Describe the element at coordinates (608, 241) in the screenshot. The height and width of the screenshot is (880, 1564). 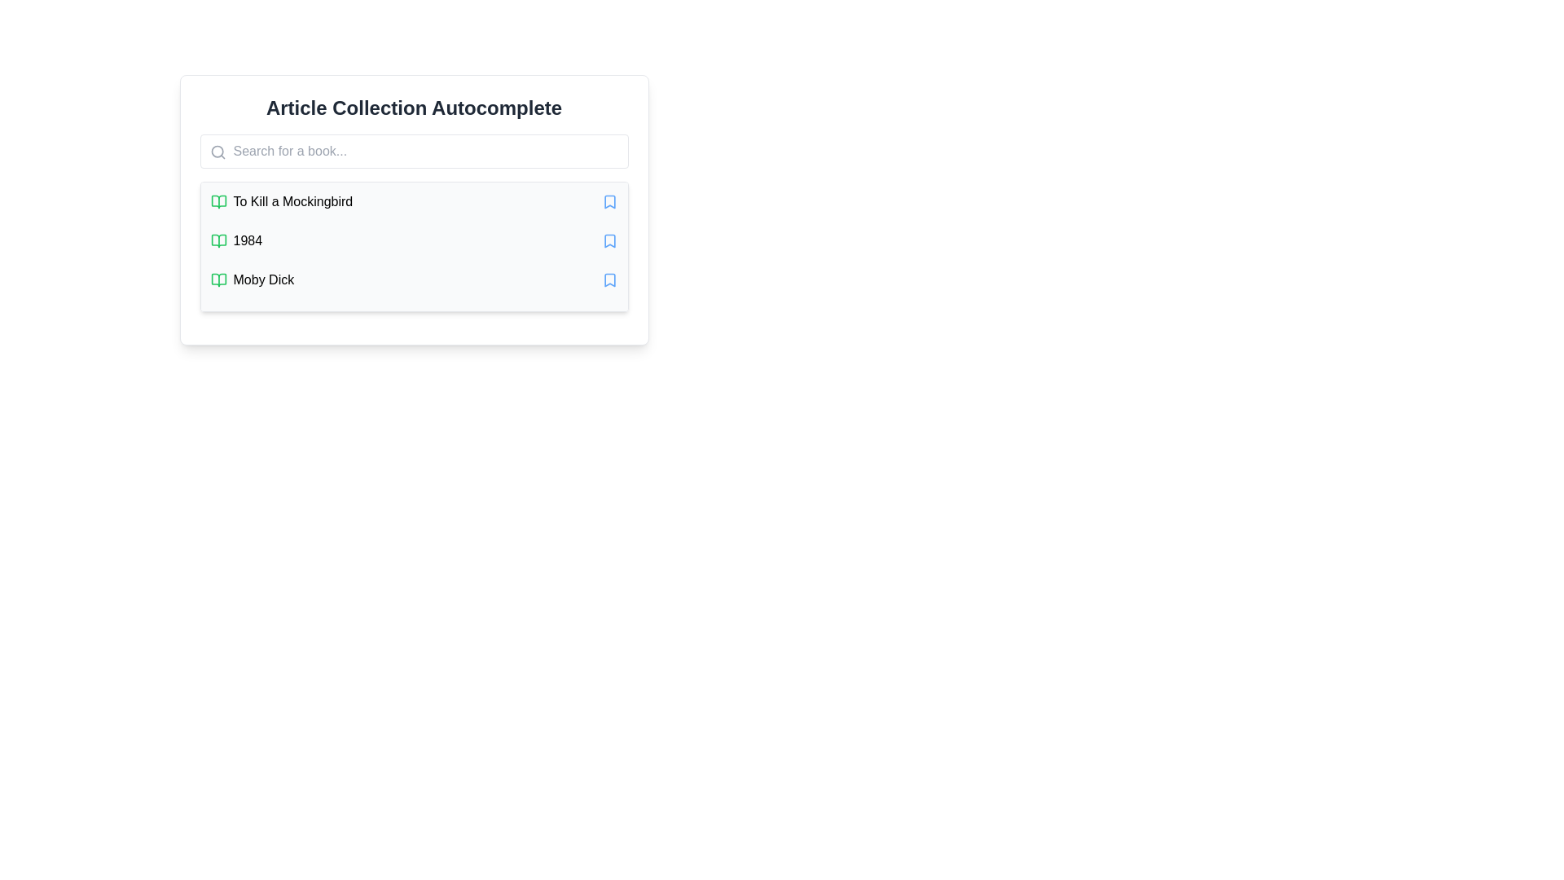
I see `the bookmark icon at the end of the row corresponding to '1984'` at that location.